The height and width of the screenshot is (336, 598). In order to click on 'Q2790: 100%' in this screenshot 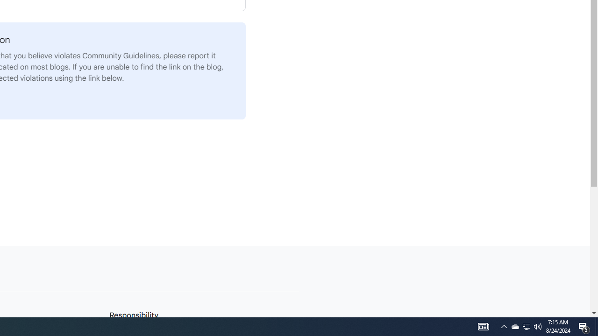, I will do `click(527, 326)`.